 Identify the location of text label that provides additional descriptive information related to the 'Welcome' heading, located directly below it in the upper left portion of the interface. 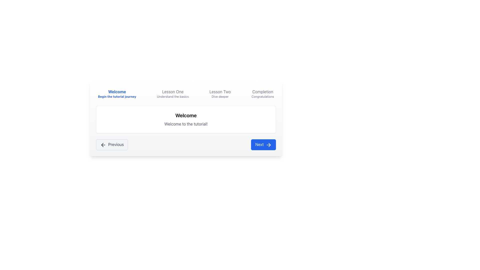
(117, 96).